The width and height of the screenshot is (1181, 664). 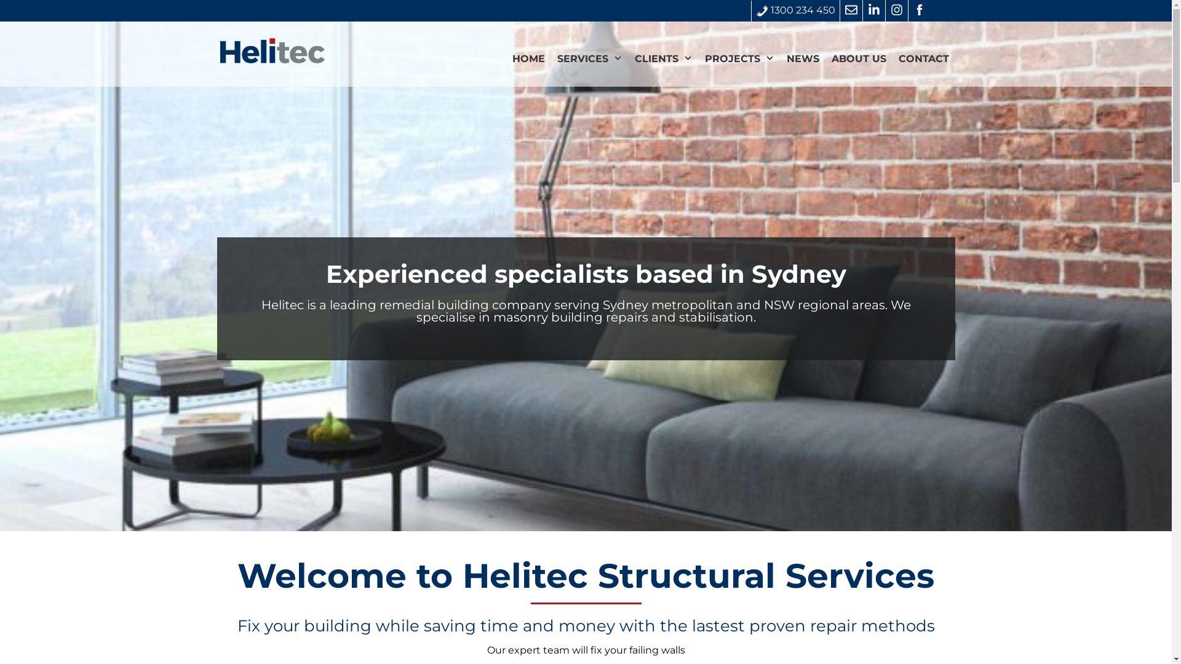 I want to click on 'NEWS', so click(x=779, y=59).